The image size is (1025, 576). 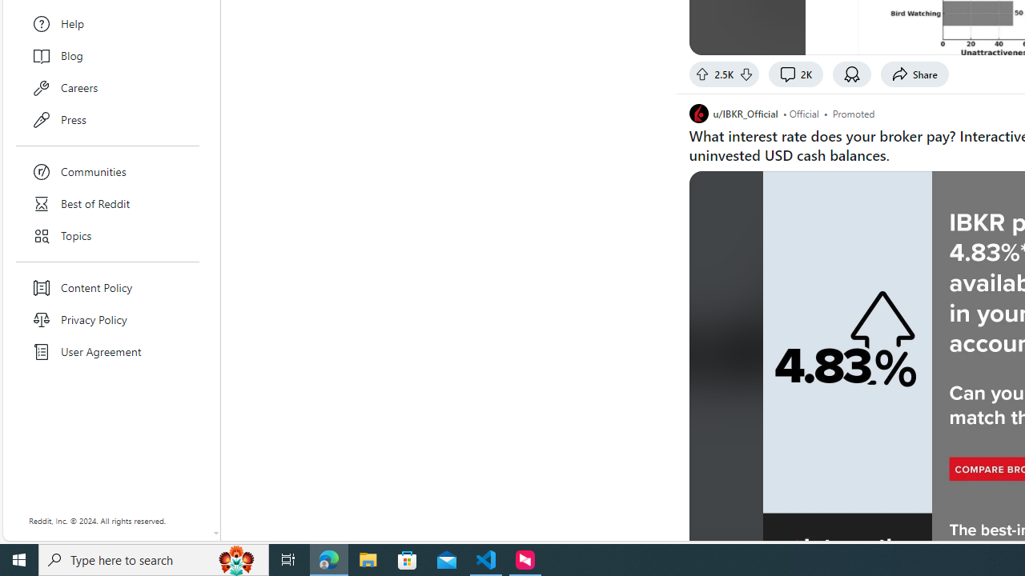 I want to click on 'User Agreement', so click(x=107, y=350).